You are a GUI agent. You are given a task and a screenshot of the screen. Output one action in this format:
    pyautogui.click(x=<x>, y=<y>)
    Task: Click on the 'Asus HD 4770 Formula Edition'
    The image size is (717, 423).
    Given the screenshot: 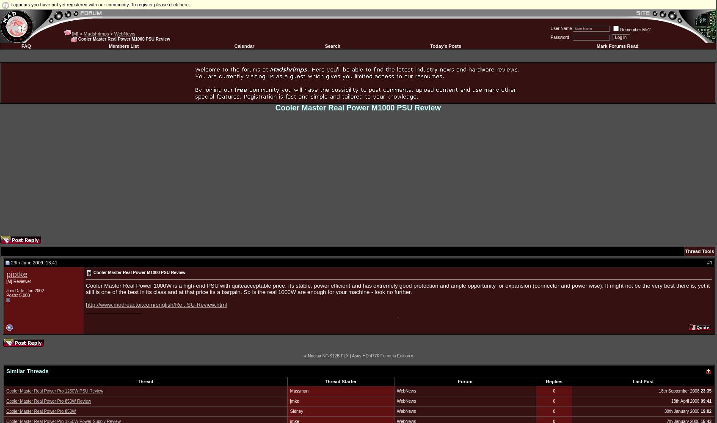 What is the action you would take?
    pyautogui.click(x=380, y=355)
    